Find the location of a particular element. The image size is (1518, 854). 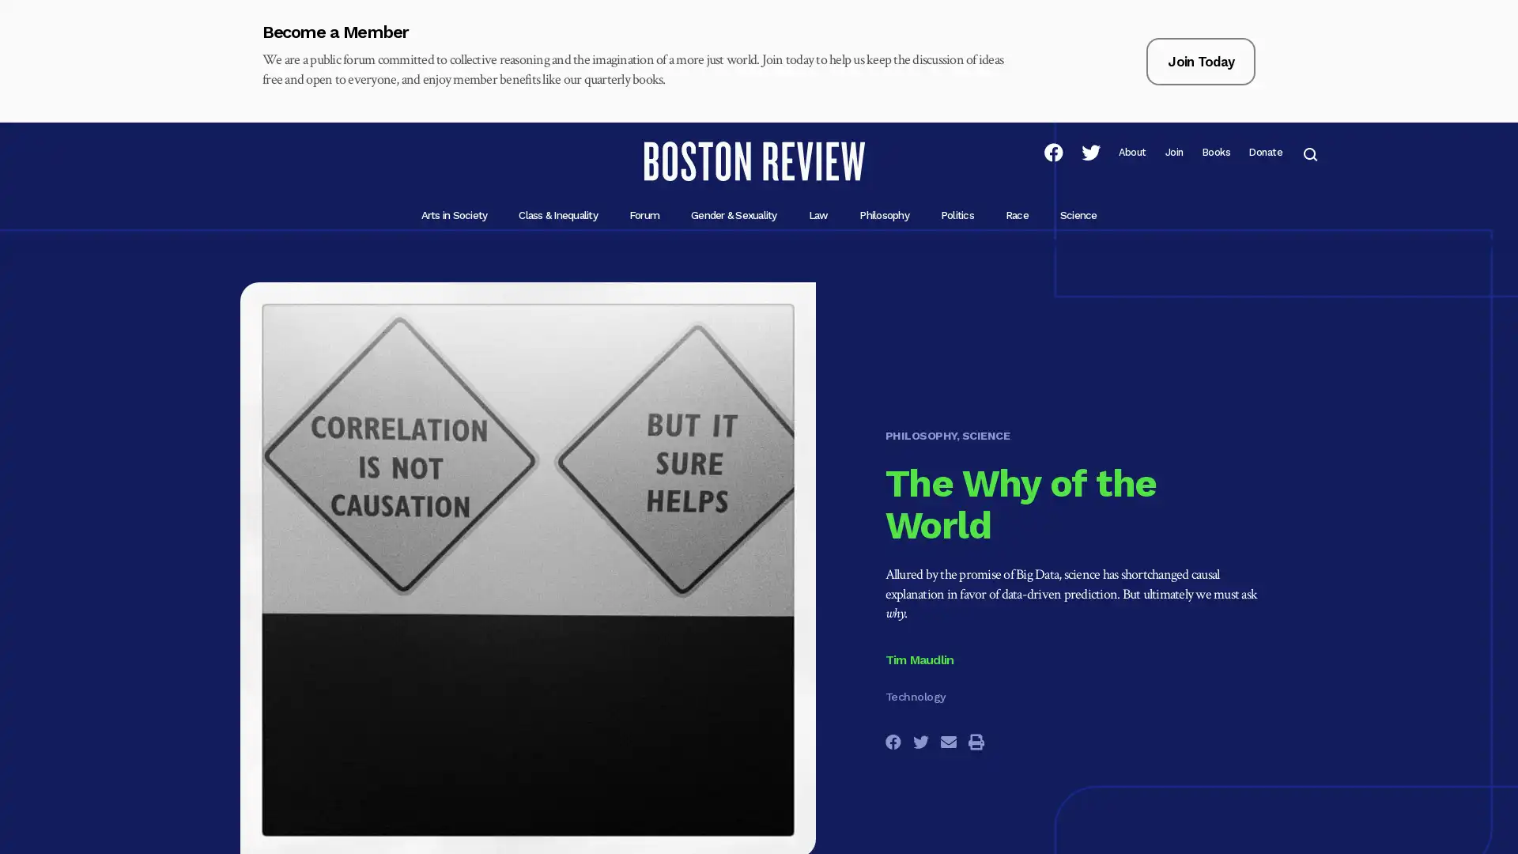

Join Today is located at coordinates (1200, 60).